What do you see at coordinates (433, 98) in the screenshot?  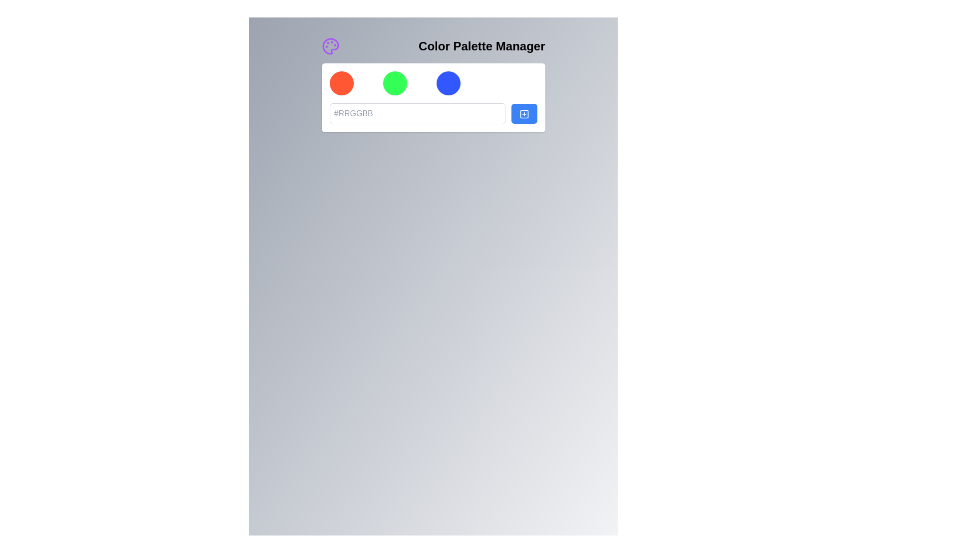 I see `the green circle button located in the Color Palette Manager` at bounding box center [433, 98].